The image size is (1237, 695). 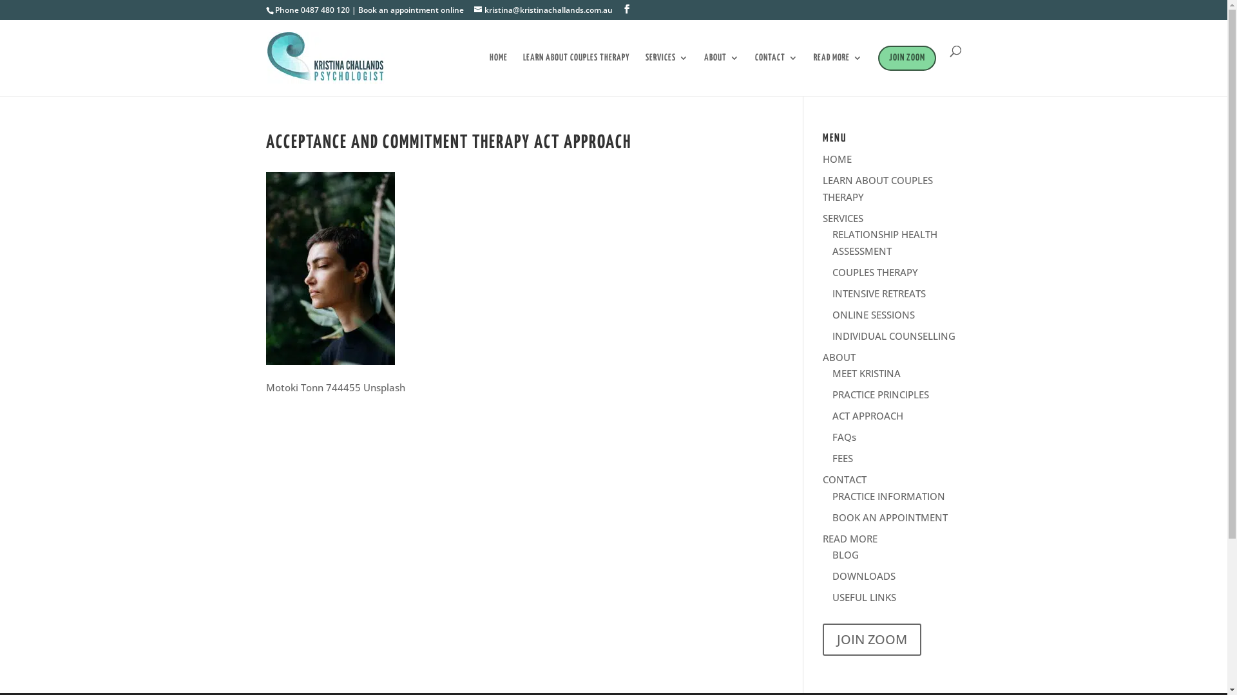 I want to click on 'ACT APPROACH', so click(x=868, y=415).